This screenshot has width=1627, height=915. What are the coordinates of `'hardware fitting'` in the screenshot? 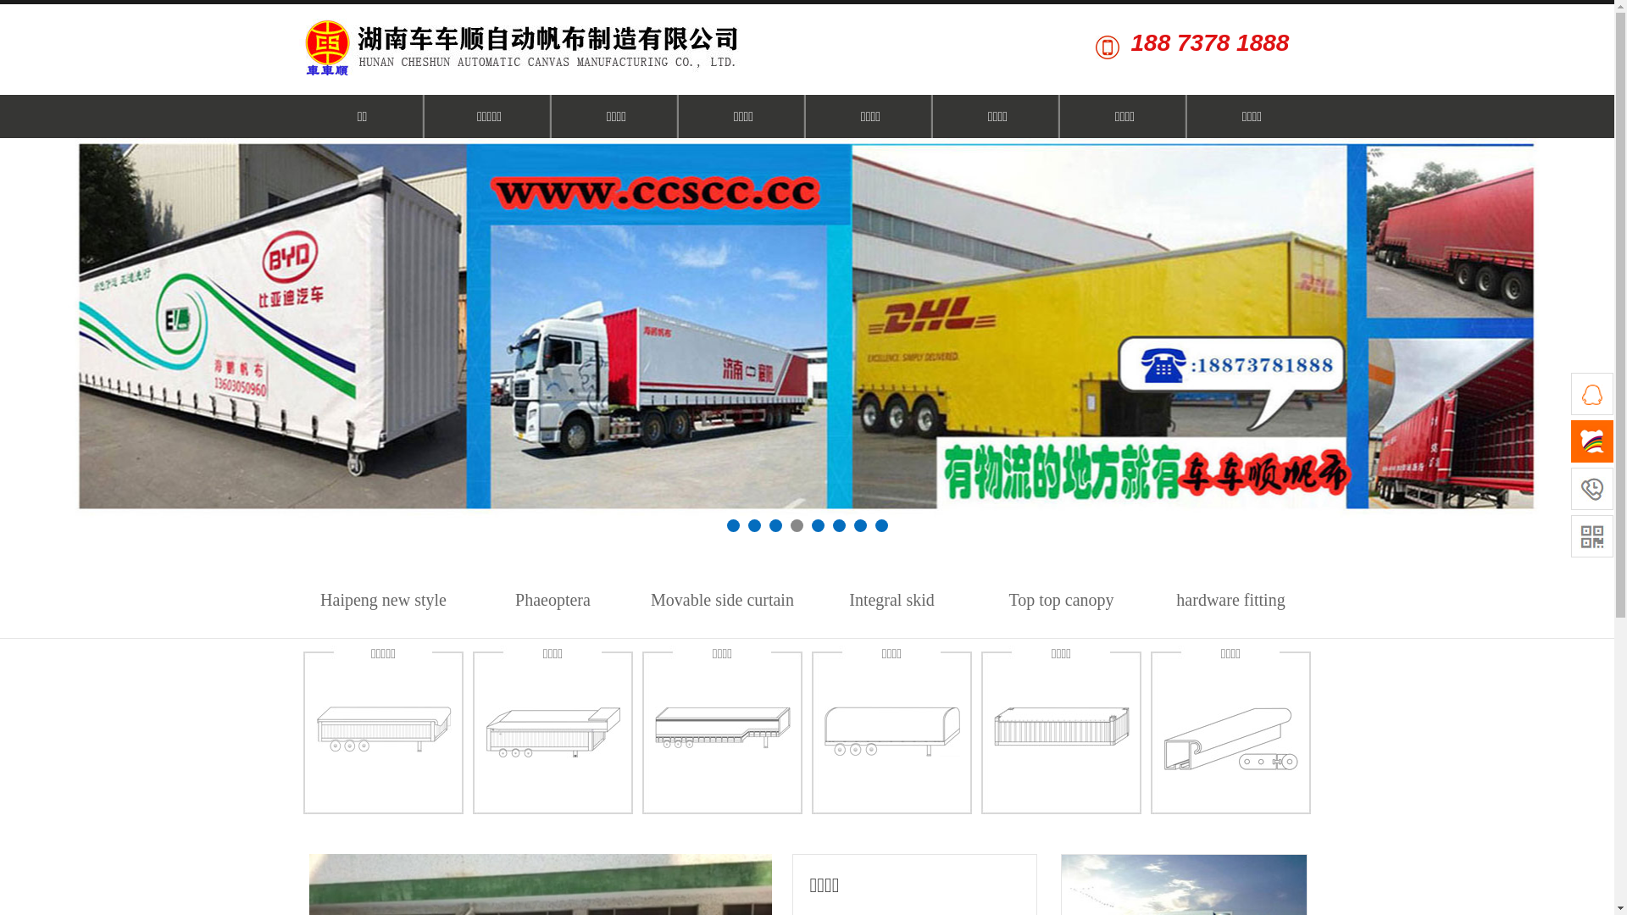 It's located at (1230, 599).